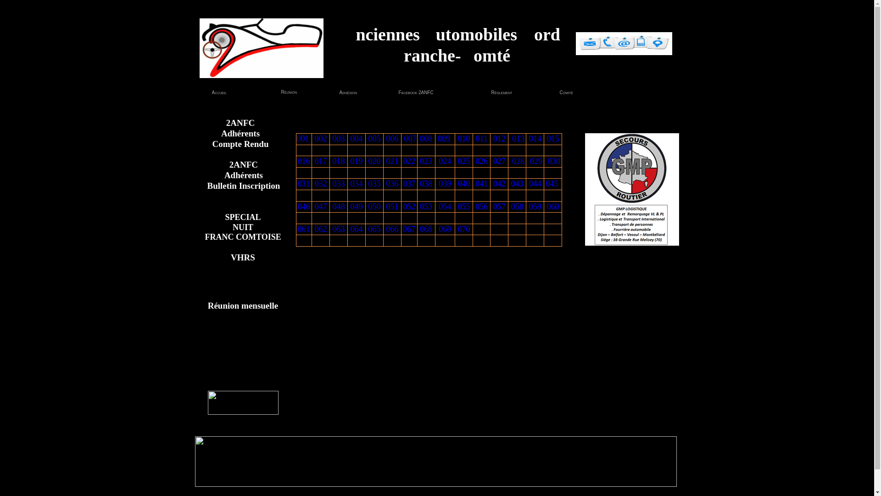 This screenshot has width=881, height=496. What do you see at coordinates (386, 161) in the screenshot?
I see `'021'` at bounding box center [386, 161].